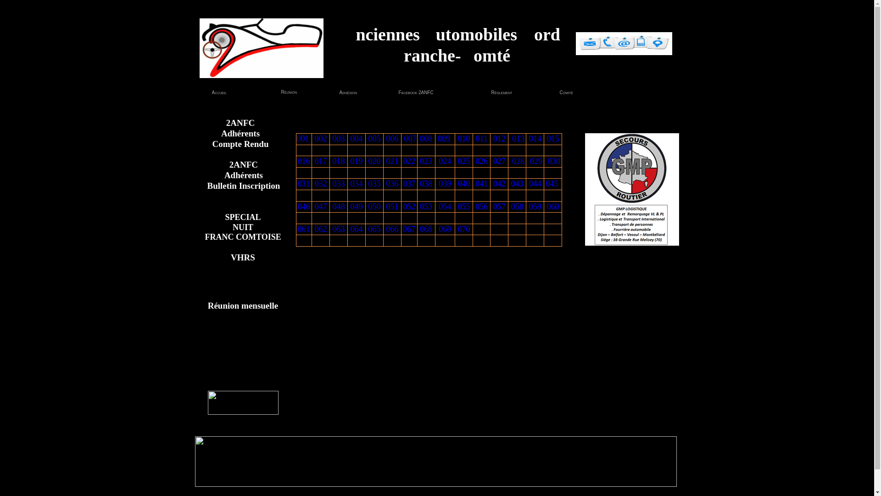 This screenshot has width=881, height=496. What do you see at coordinates (386, 161) in the screenshot?
I see `'021'` at bounding box center [386, 161].